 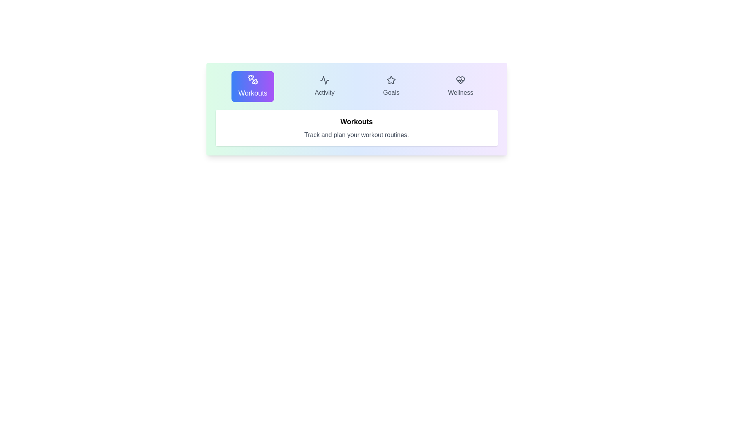 What do you see at coordinates (461, 80) in the screenshot?
I see `the 'Wellness' category icon located at the far-right side of the navigation bar, above the text label reading 'Wellness'` at bounding box center [461, 80].